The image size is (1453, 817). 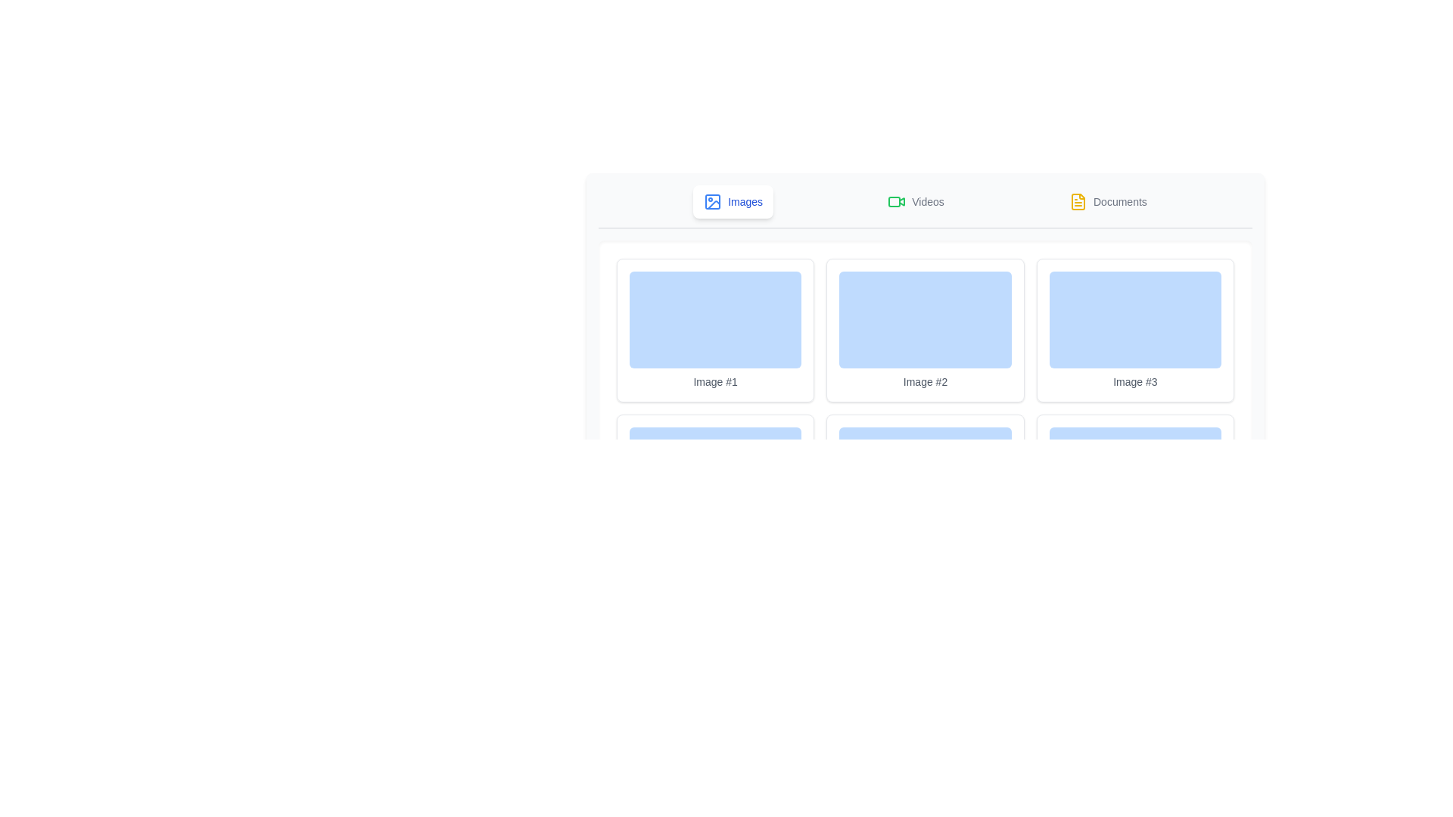 What do you see at coordinates (714, 329) in the screenshot?
I see `the first card or panel UI component in the 3-column grid layout` at bounding box center [714, 329].